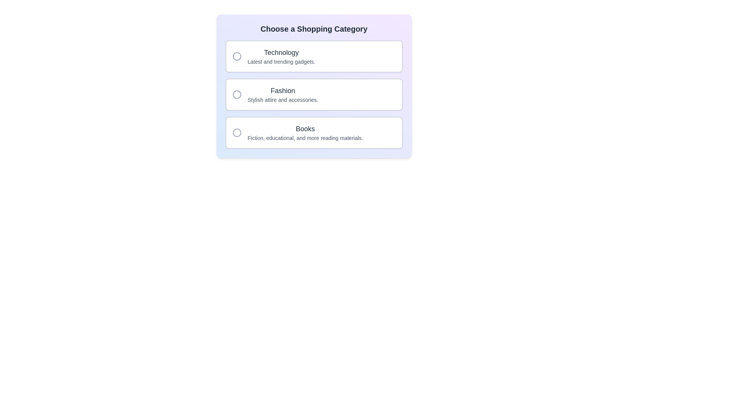  Describe the element at coordinates (236, 56) in the screenshot. I see `the circular outline icon located at the left margin of the 'Technology' card containing the text 'Latest and trending gadgets.'` at that location.